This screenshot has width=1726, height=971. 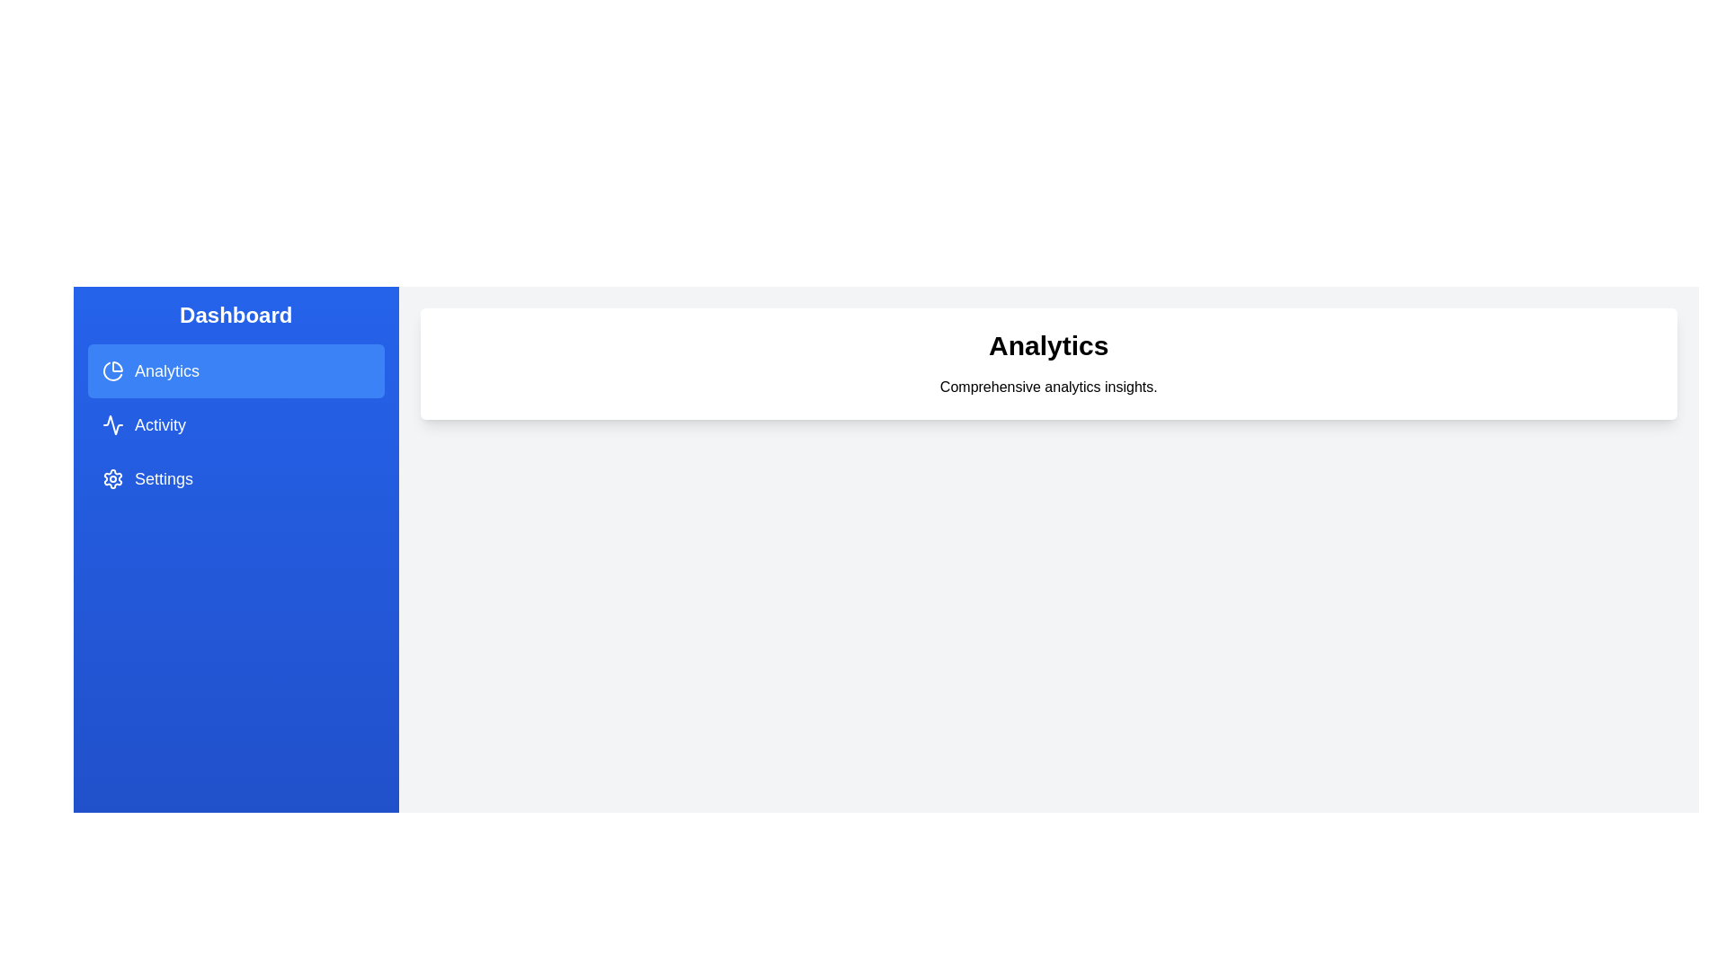 What do you see at coordinates (116, 366) in the screenshot?
I see `the upper-right arc component of the pie-chart-like icon in the sidebar menu, located adjacent to the 'Analytics' text` at bounding box center [116, 366].